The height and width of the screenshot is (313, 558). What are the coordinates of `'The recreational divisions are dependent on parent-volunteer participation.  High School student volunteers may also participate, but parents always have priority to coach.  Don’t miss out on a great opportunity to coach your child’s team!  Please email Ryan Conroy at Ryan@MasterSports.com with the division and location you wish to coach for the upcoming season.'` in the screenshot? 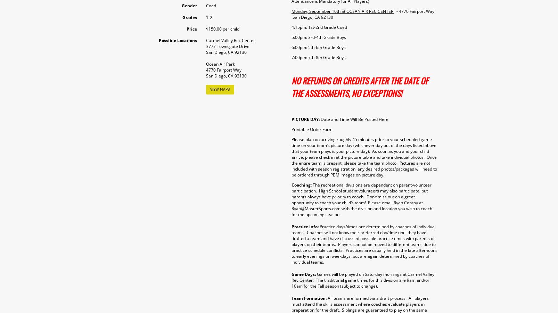 It's located at (291, 199).